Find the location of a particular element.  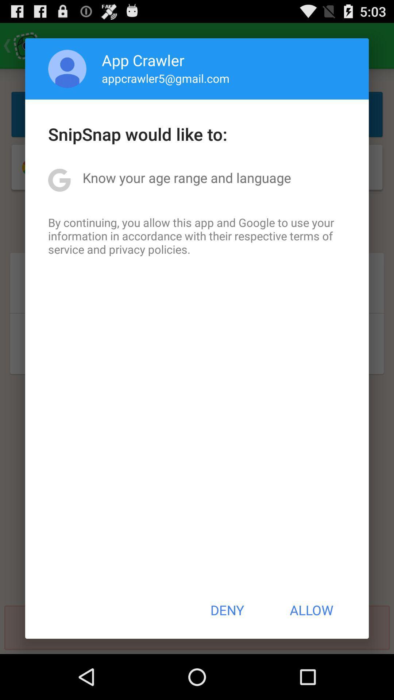

button next to the allow button is located at coordinates (227, 610).